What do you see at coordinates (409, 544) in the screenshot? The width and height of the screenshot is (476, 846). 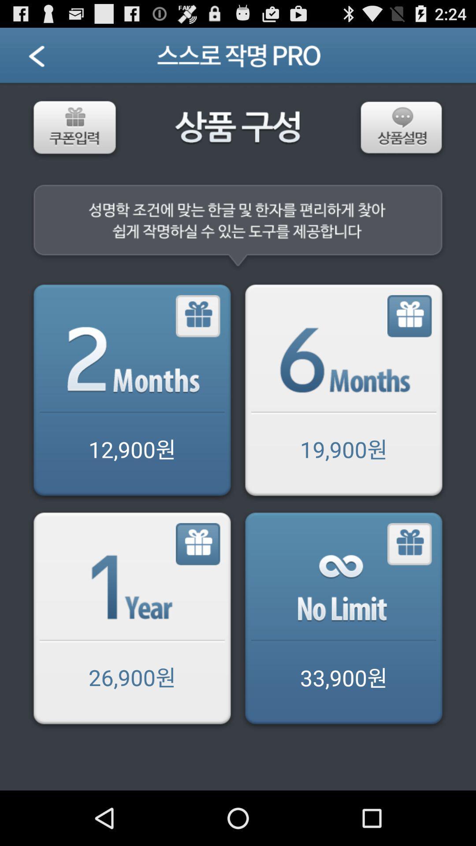 I see `blink gift` at bounding box center [409, 544].